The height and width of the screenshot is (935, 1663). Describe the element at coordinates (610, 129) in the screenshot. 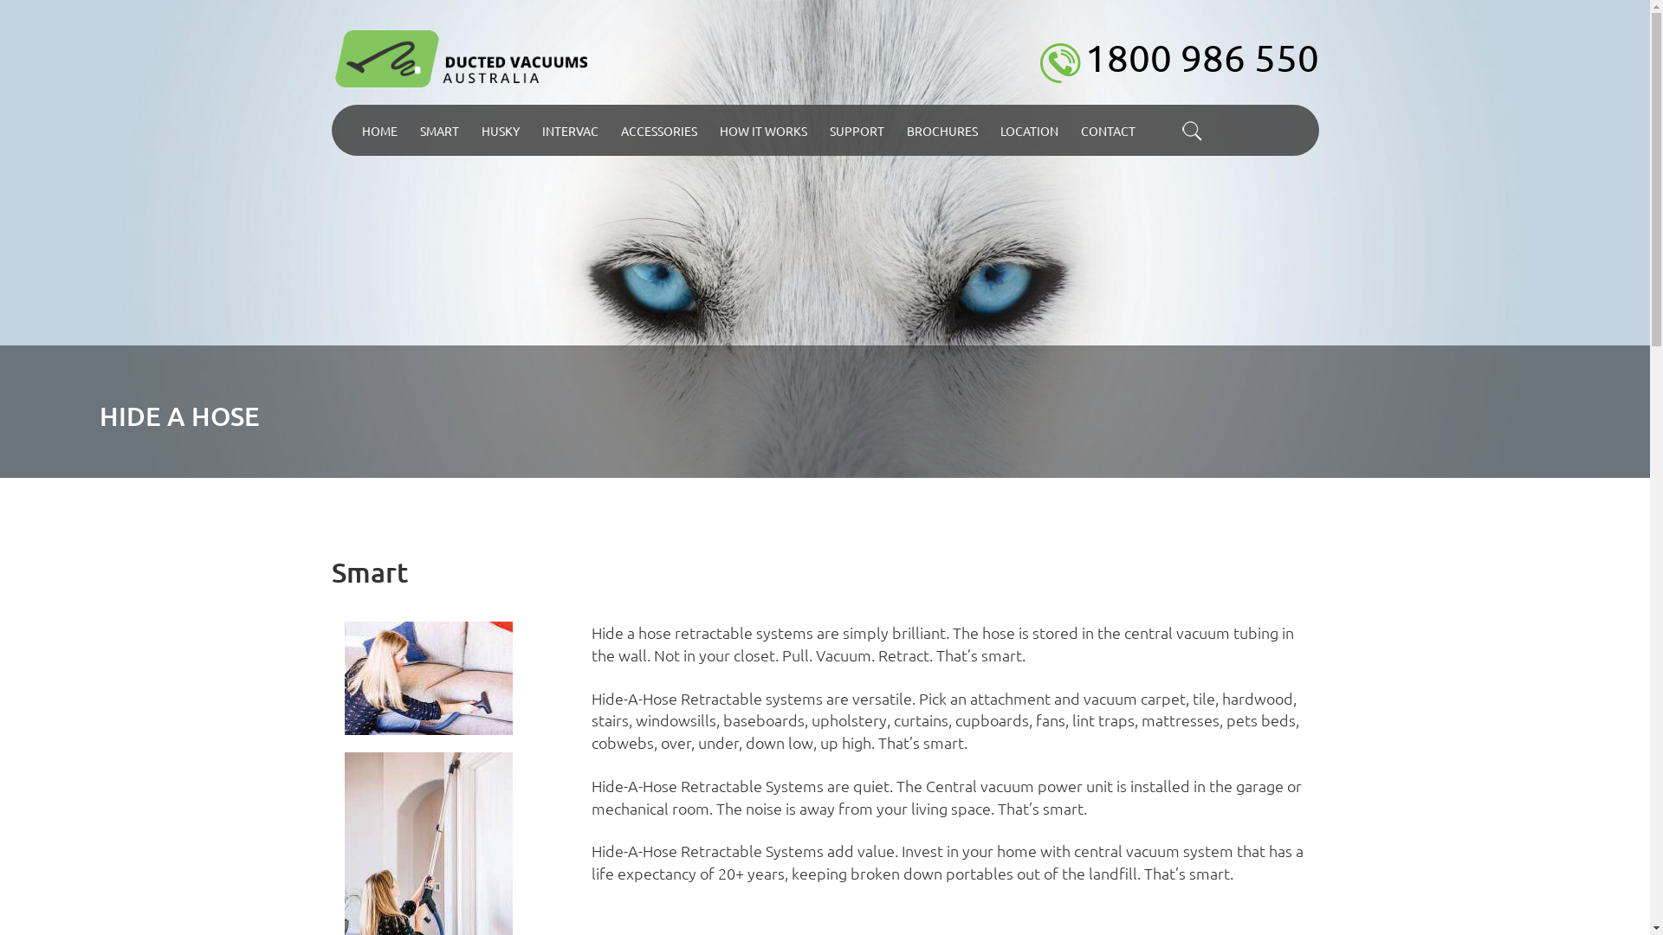

I see `'ACCESSORIES'` at that location.